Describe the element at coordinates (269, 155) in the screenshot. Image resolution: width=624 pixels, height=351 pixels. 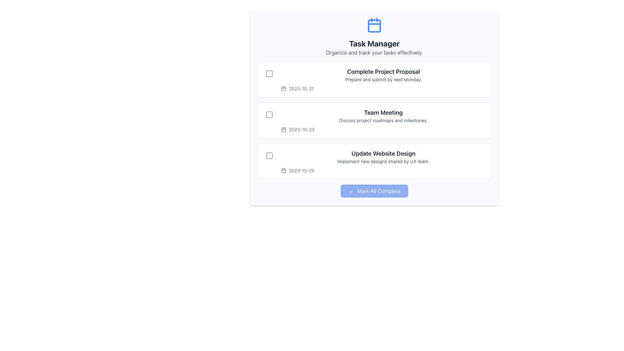
I see `the checkbox or marker icon located to the left of the task labeled 'Update Website Design' in the third task row` at that location.